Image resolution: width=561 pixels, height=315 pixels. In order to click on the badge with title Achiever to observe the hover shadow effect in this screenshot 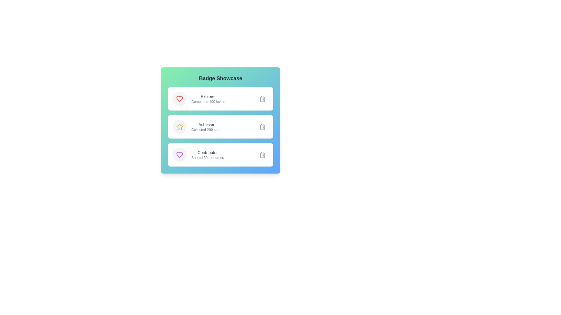, I will do `click(220, 127)`.